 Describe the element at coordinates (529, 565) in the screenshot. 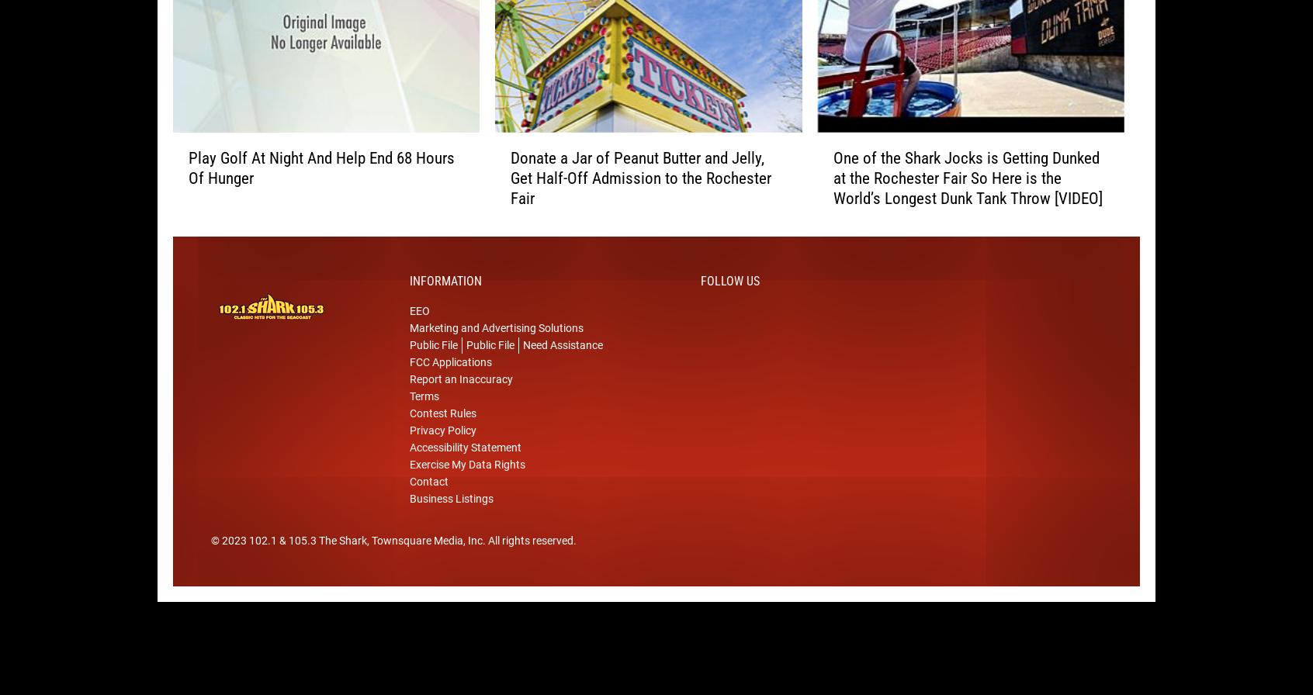

I see `'. All rights reserved.'` at that location.